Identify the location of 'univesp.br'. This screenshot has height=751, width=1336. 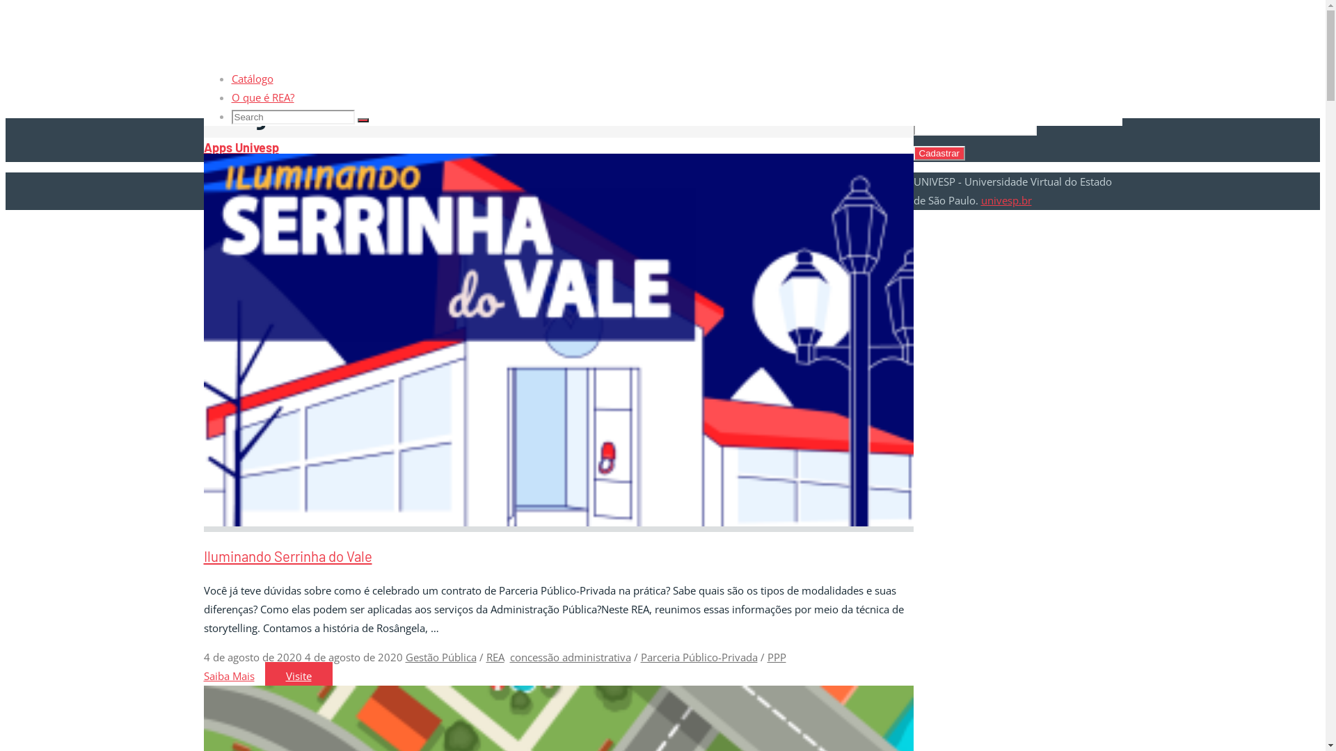
(980, 200).